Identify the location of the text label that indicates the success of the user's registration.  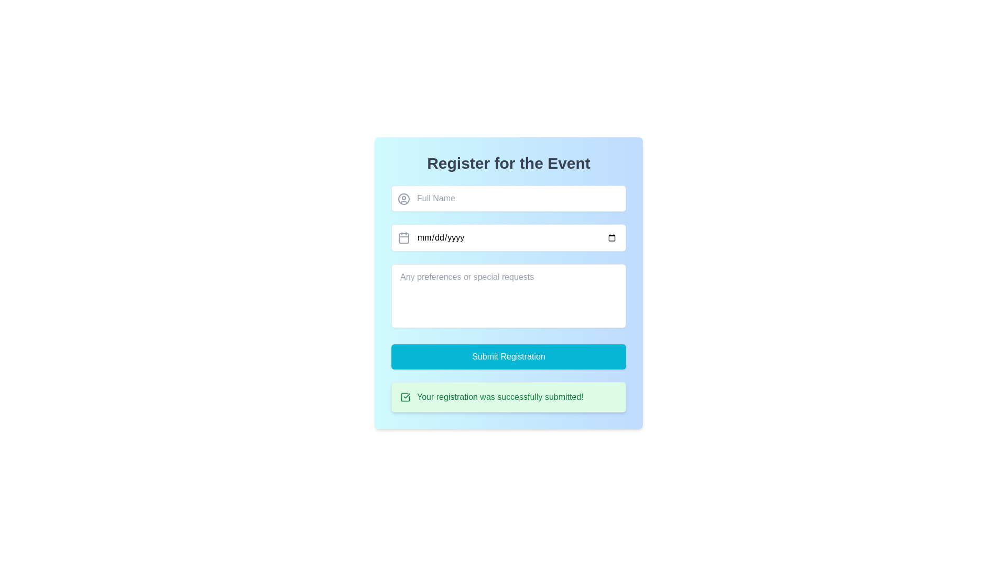
(499, 397).